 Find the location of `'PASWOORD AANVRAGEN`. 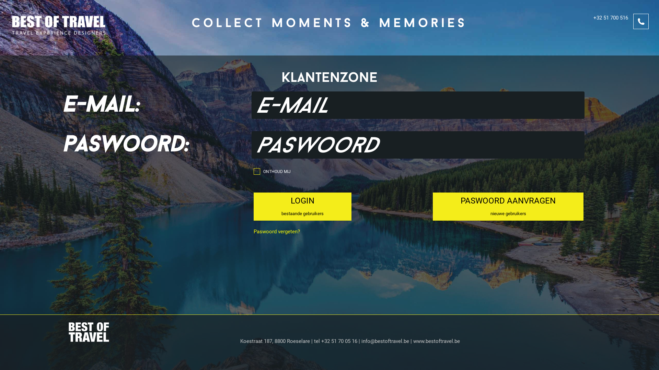

'PASWOORD AANVRAGEN is located at coordinates (508, 206).